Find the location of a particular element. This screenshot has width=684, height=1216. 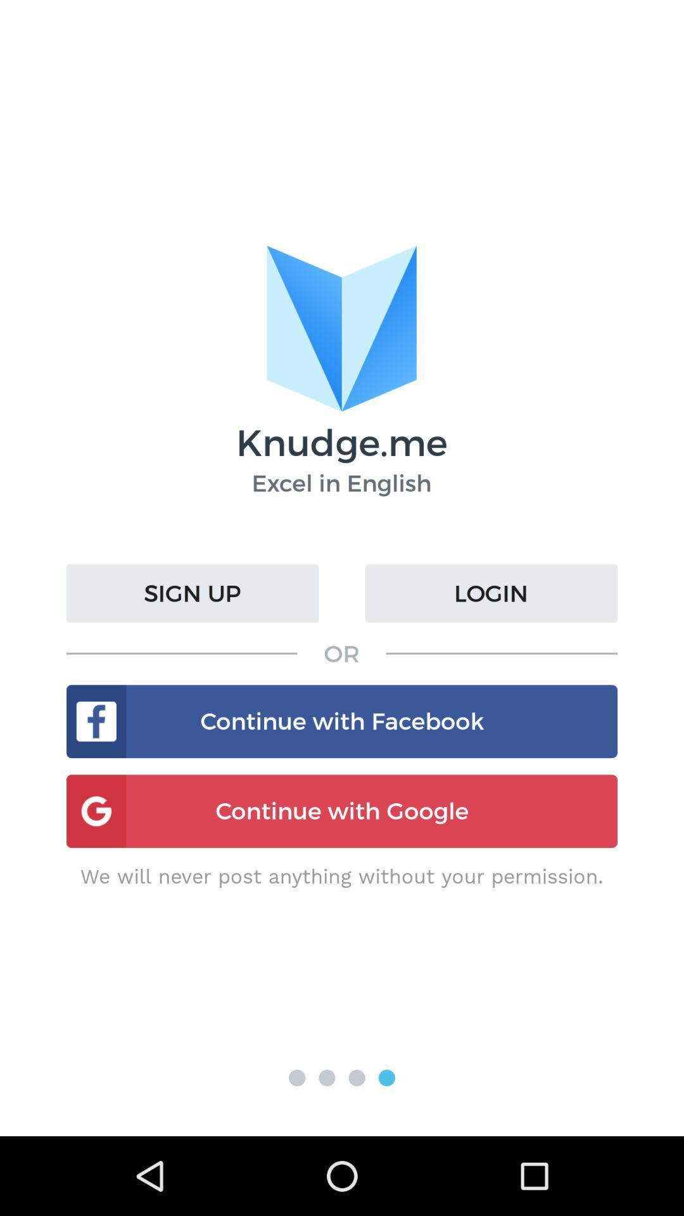

icon to the right of the sign up item is located at coordinates (490, 593).